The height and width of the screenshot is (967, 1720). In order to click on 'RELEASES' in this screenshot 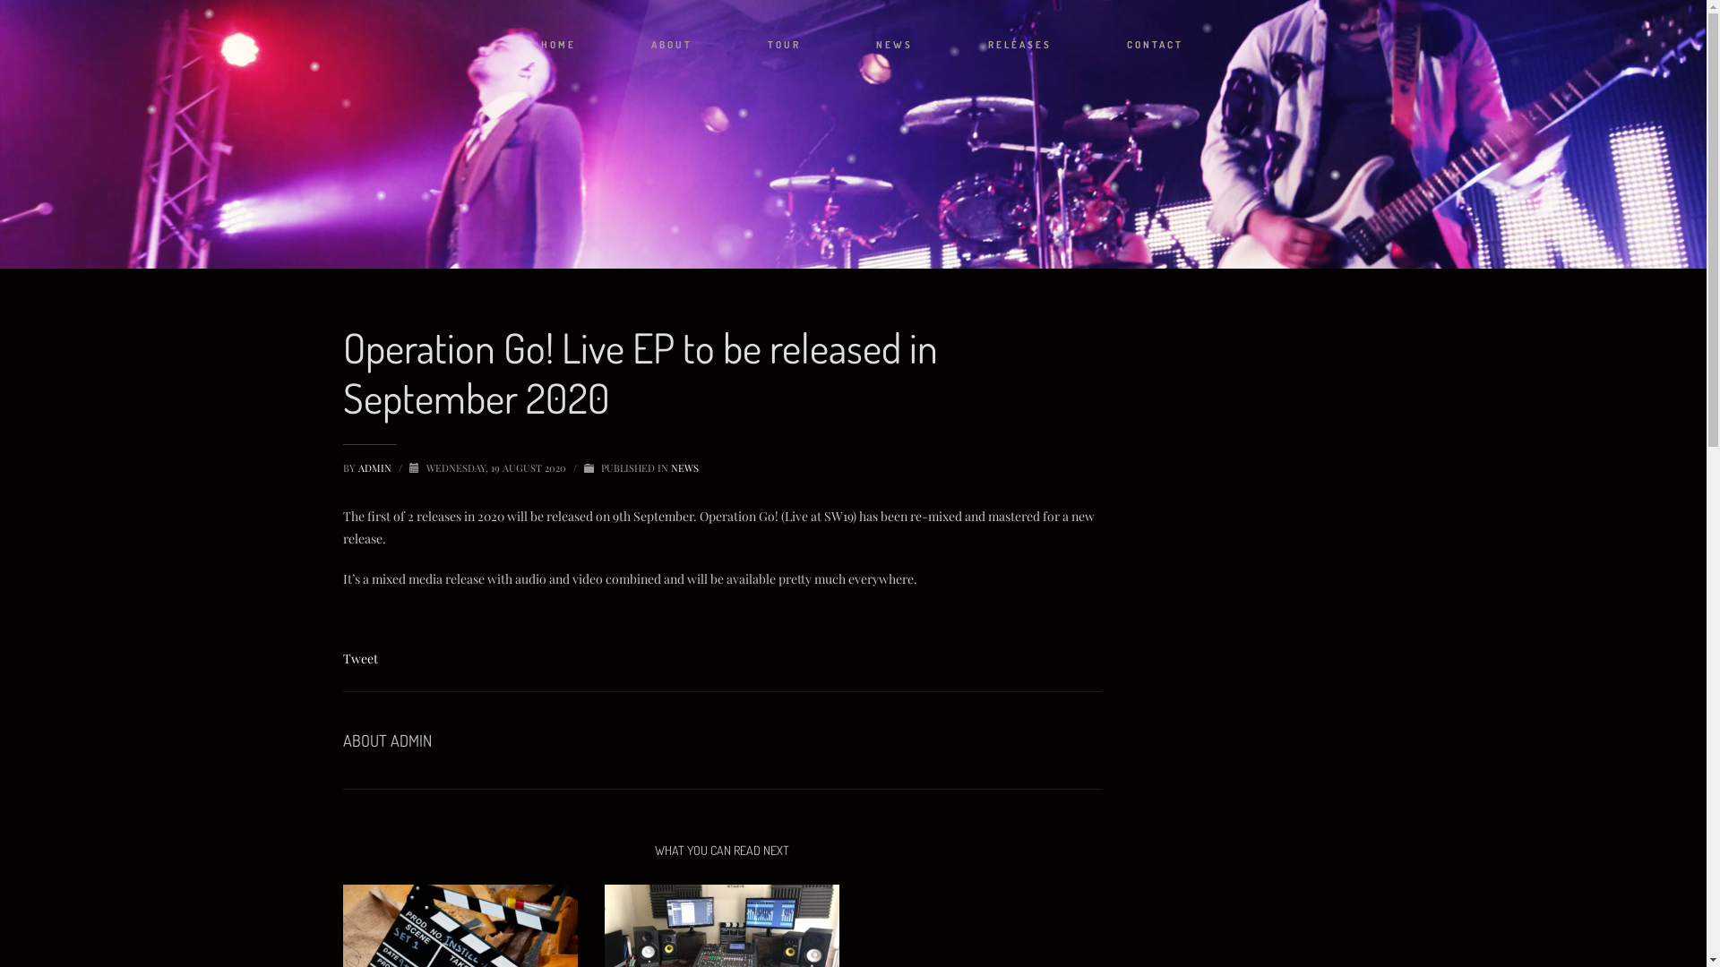, I will do `click(1019, 44)`.